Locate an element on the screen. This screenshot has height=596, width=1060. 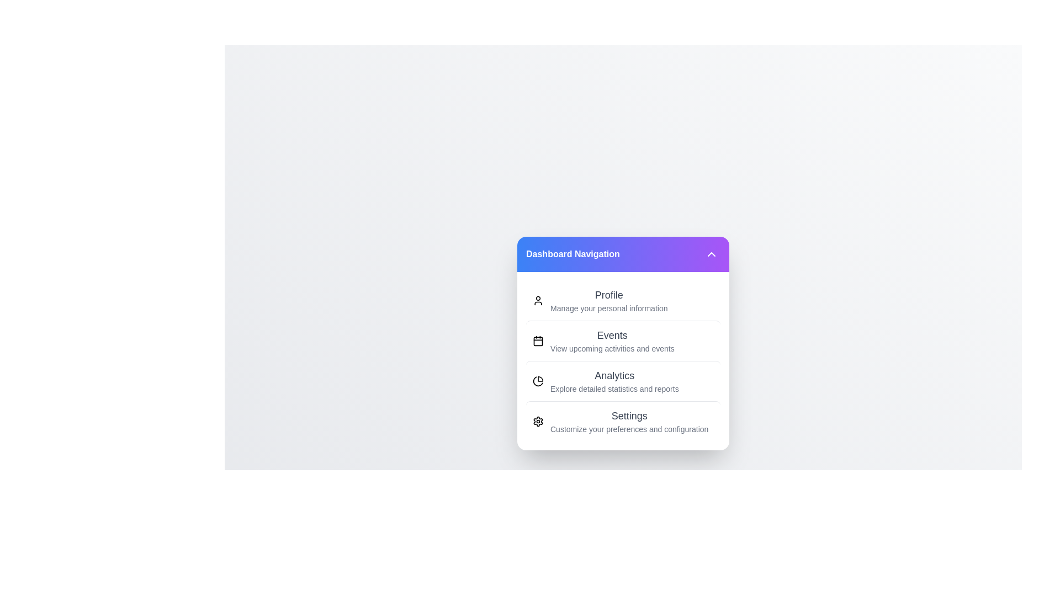
the icon associated with Events is located at coordinates (538, 340).